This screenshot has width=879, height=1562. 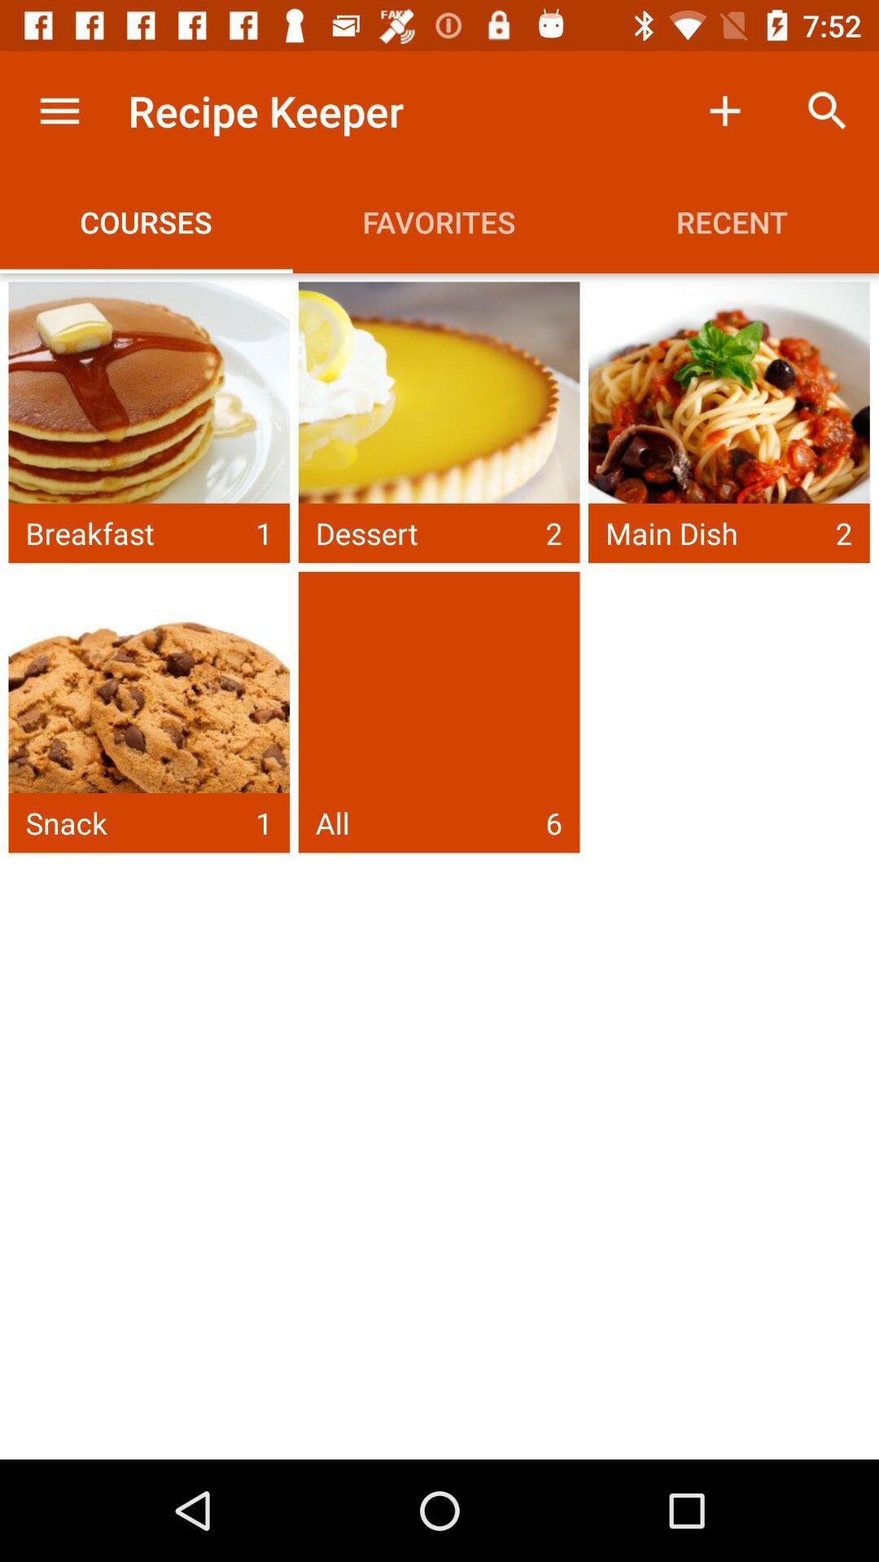 What do you see at coordinates (724, 110) in the screenshot?
I see `the icon above recent item` at bounding box center [724, 110].